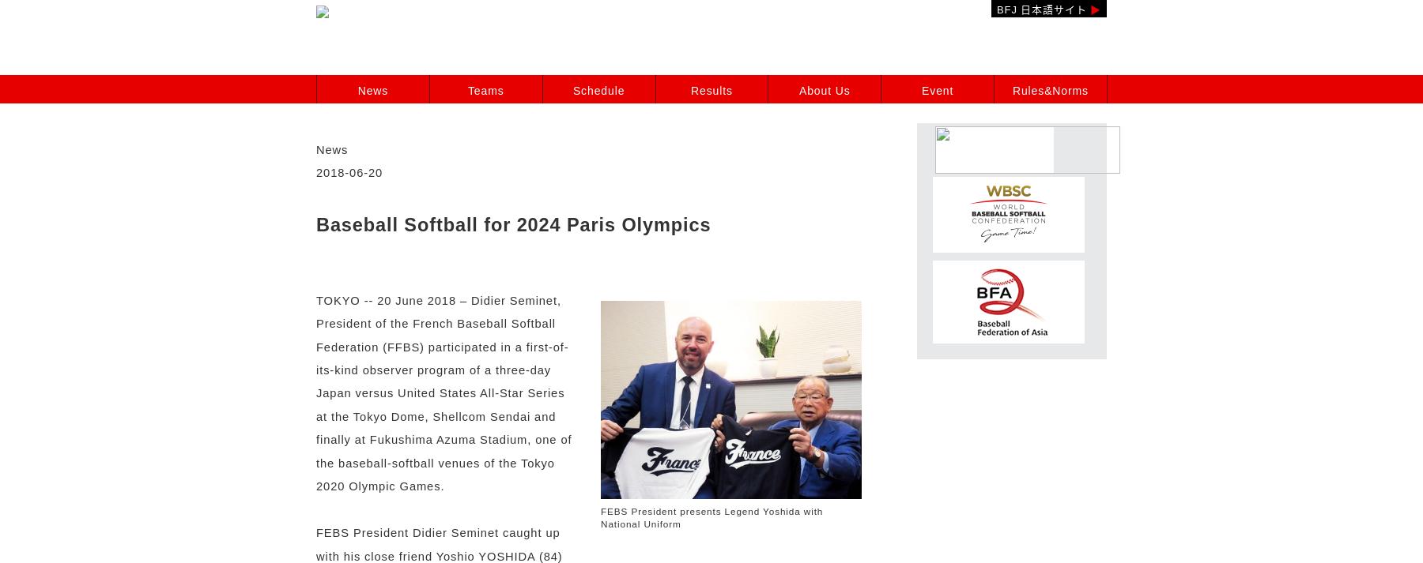  What do you see at coordinates (513, 223) in the screenshot?
I see `'Baseball Softball for 2024 Paris Olympics'` at bounding box center [513, 223].